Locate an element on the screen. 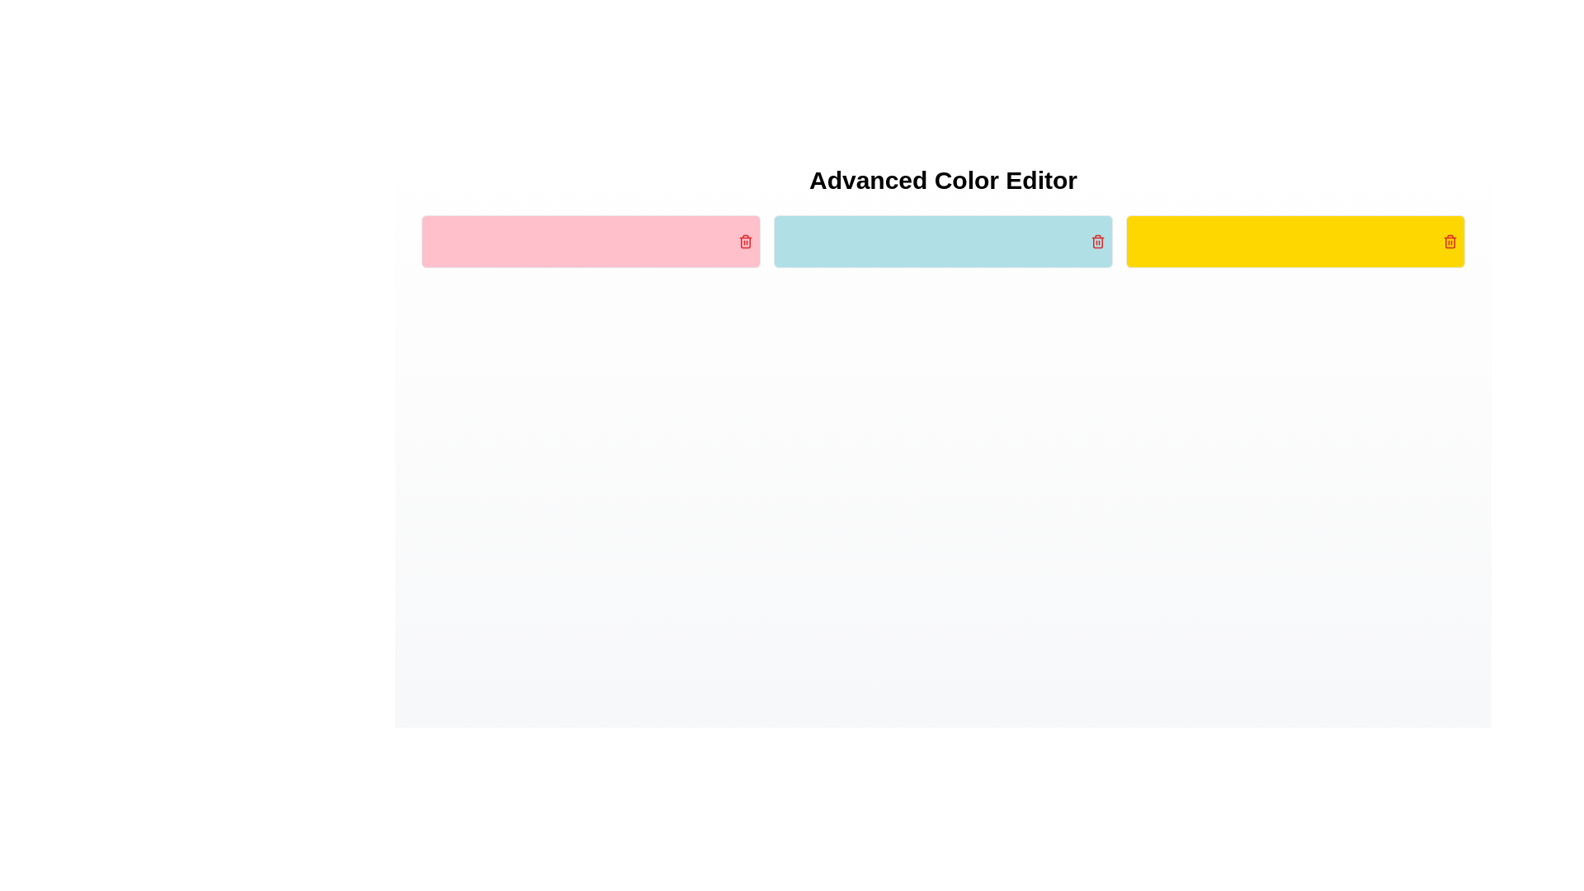 Image resolution: width=1584 pixels, height=891 pixels. the rightmost trashcan icon, which is styled minimally and located within a yellow rectangular area is located at coordinates (1449, 243).